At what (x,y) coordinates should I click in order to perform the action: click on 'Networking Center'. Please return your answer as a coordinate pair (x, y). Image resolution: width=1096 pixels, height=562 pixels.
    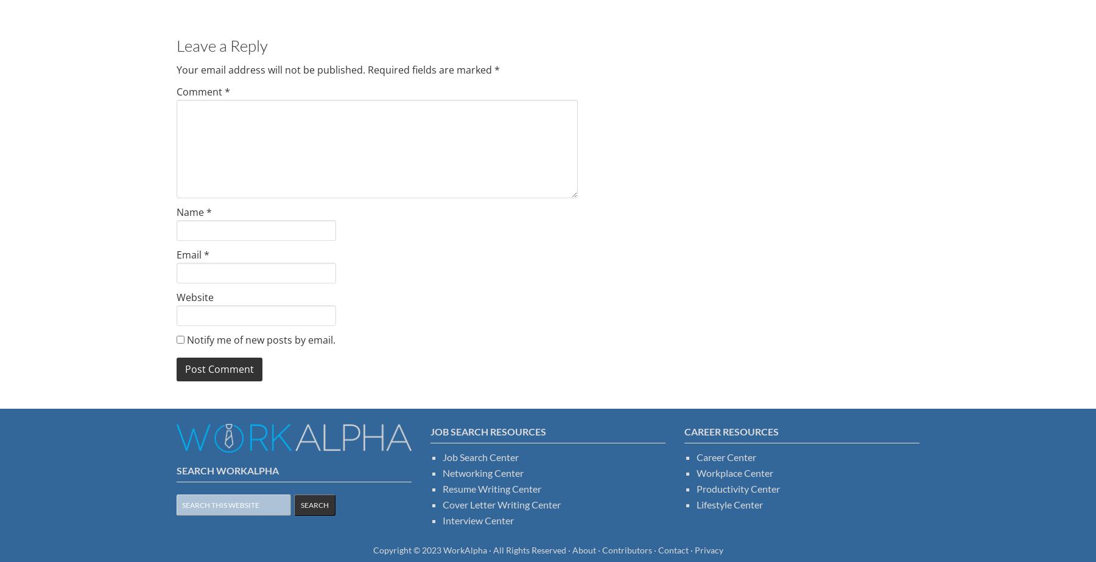
    Looking at the image, I should click on (483, 472).